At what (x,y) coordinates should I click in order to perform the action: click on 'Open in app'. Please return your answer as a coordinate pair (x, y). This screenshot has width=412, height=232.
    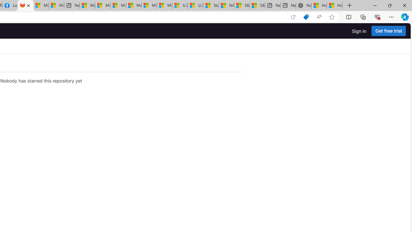
    Looking at the image, I should click on (293, 17).